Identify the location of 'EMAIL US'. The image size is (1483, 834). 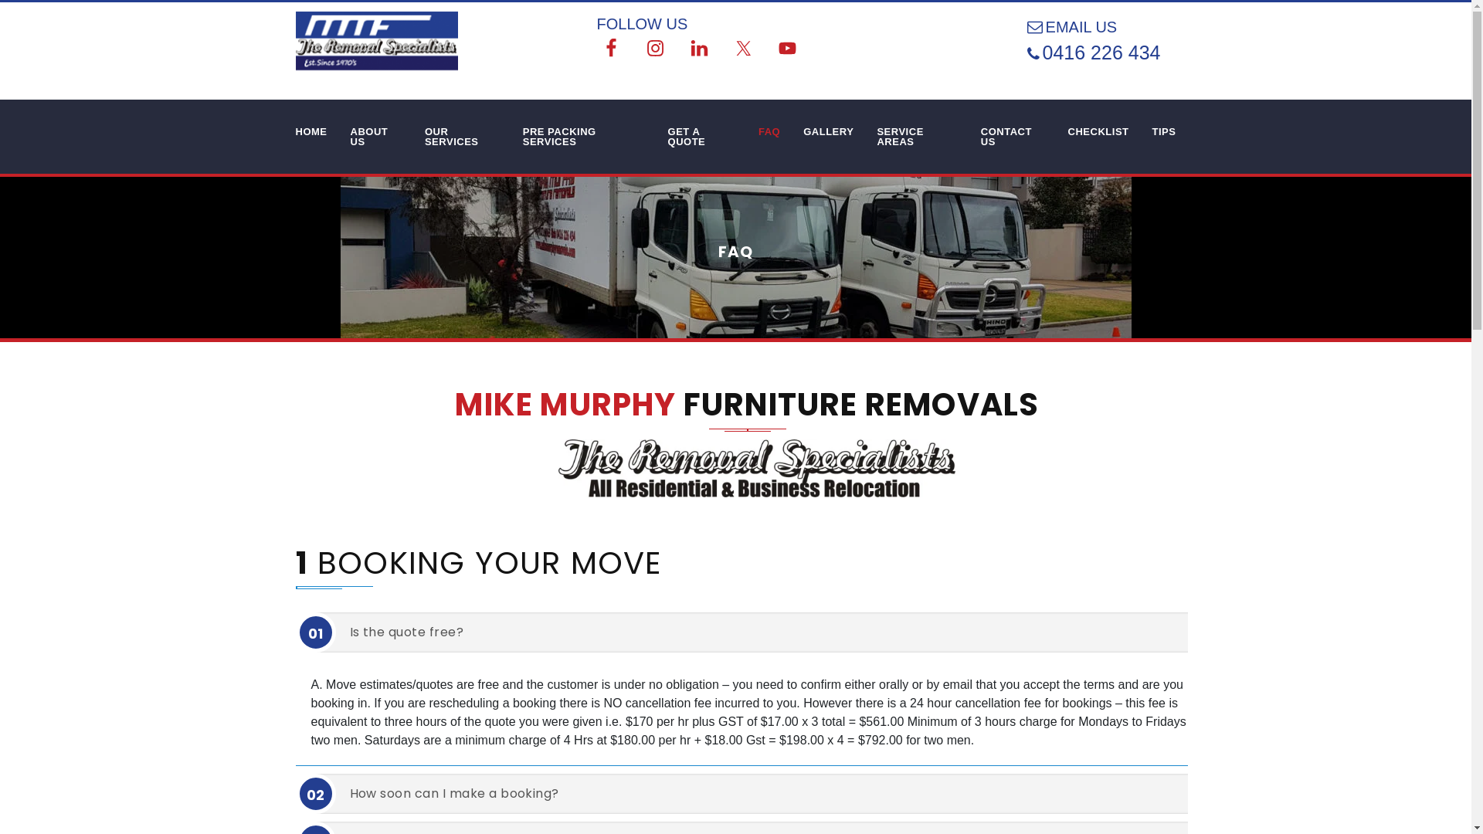
(1088, 26).